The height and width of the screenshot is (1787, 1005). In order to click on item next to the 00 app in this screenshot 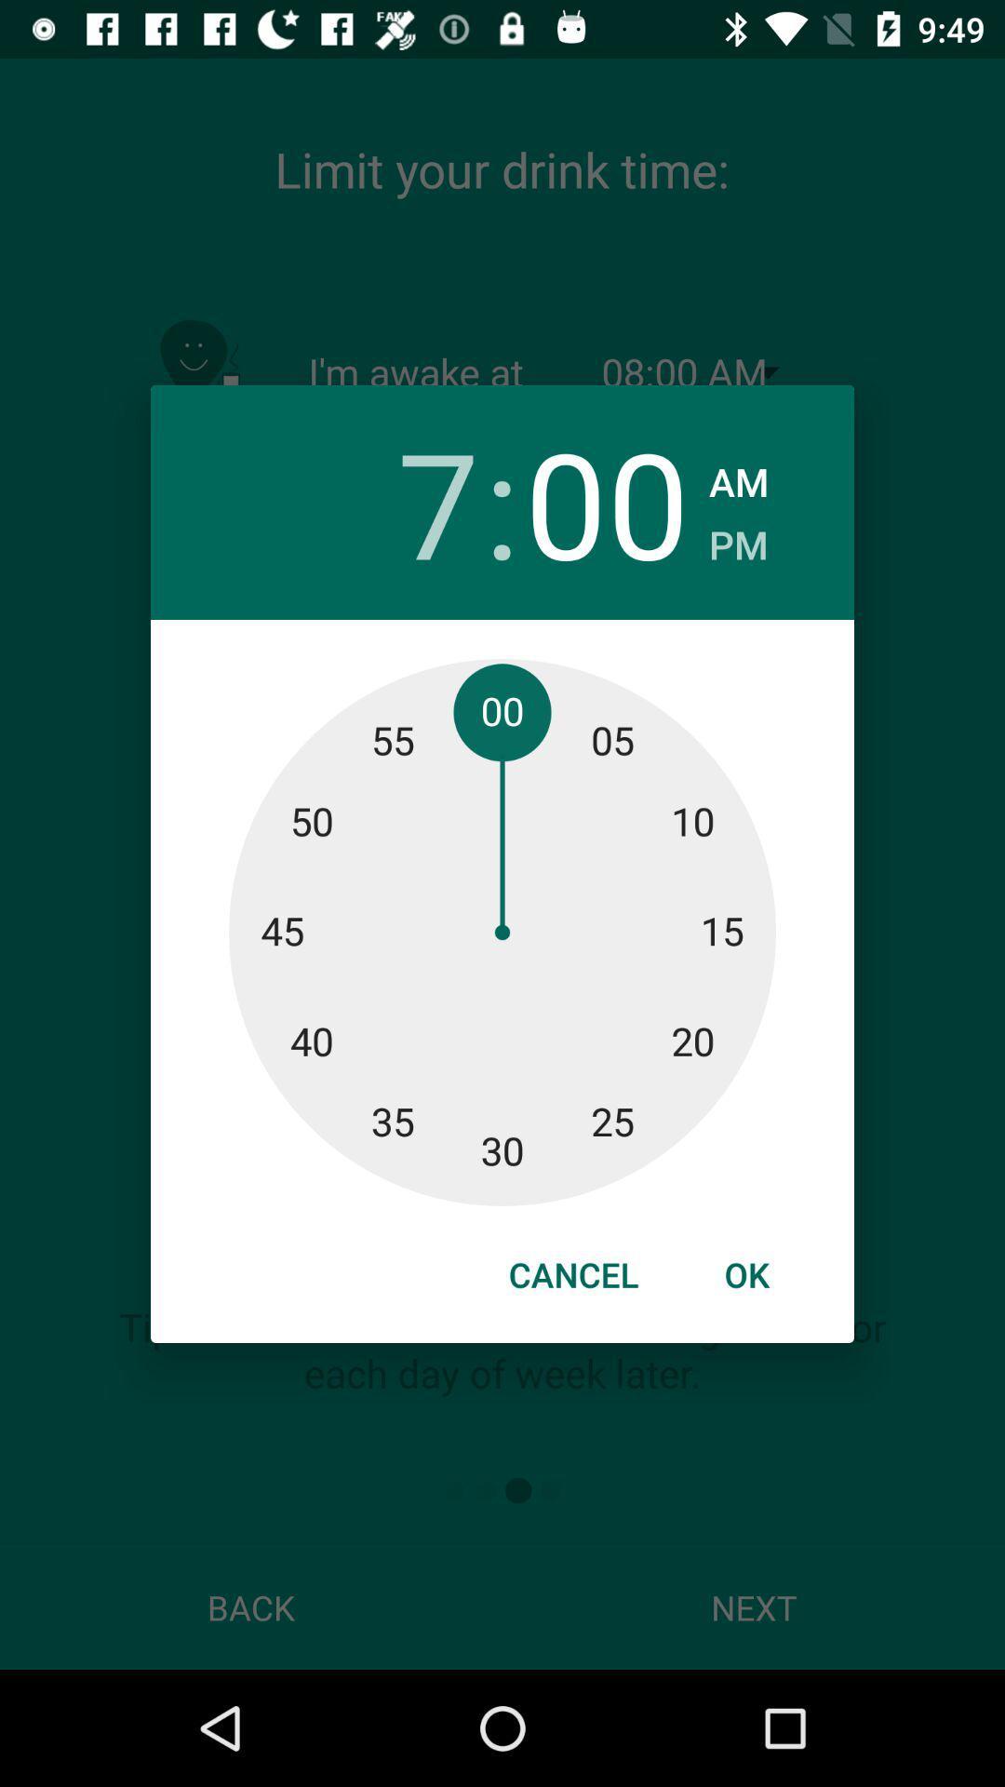, I will do `click(737, 538)`.